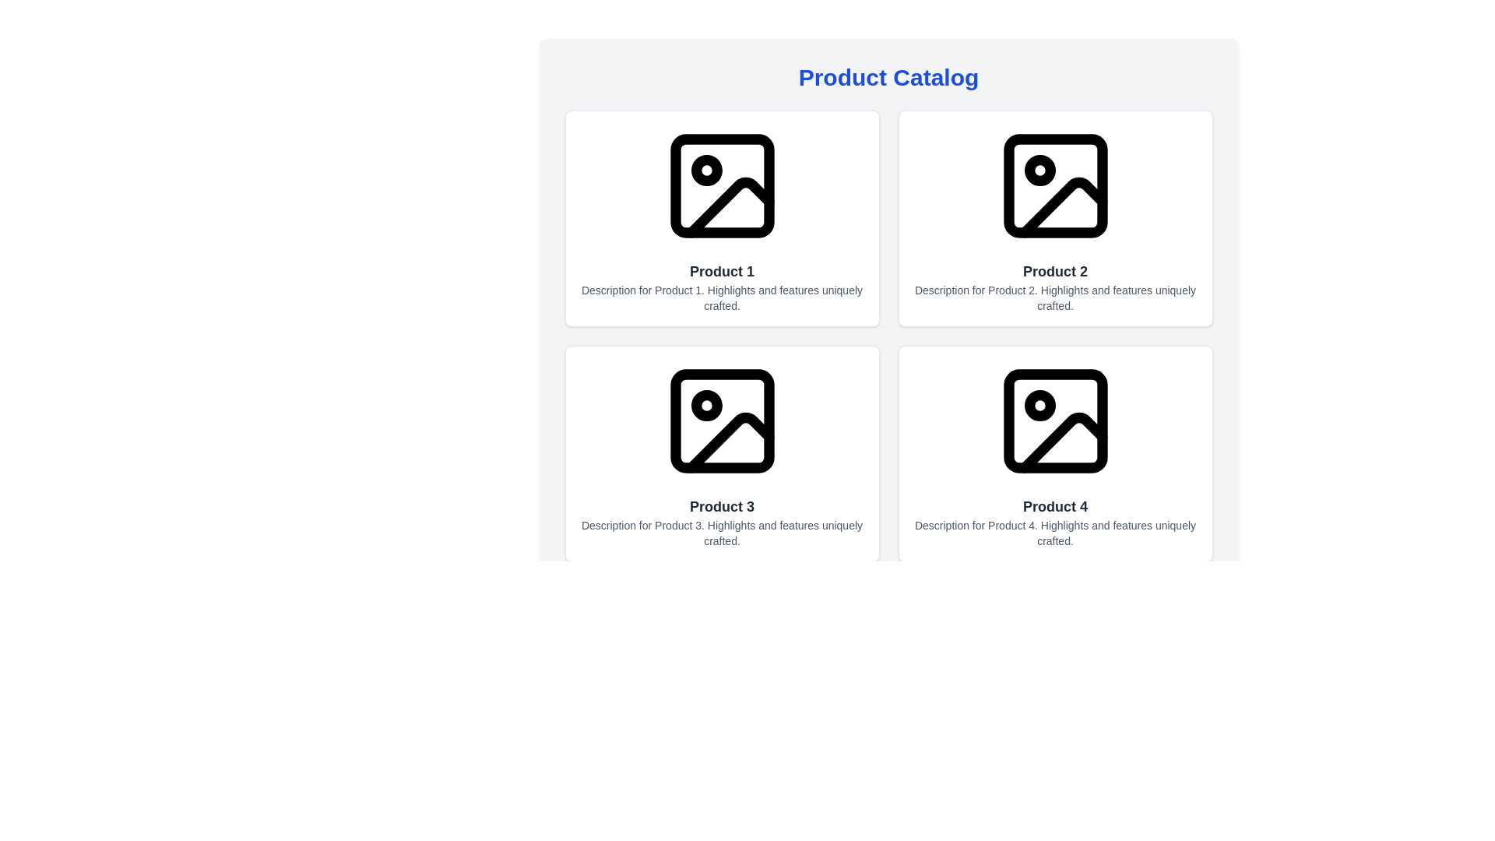  What do you see at coordinates (1055, 185) in the screenshot?
I see `the image placeholder icon located at the topmost section of the 'Product 2' card, which is represented by a minimalistic design with a rectangular outline, a circular dot, and a triangular shape` at bounding box center [1055, 185].